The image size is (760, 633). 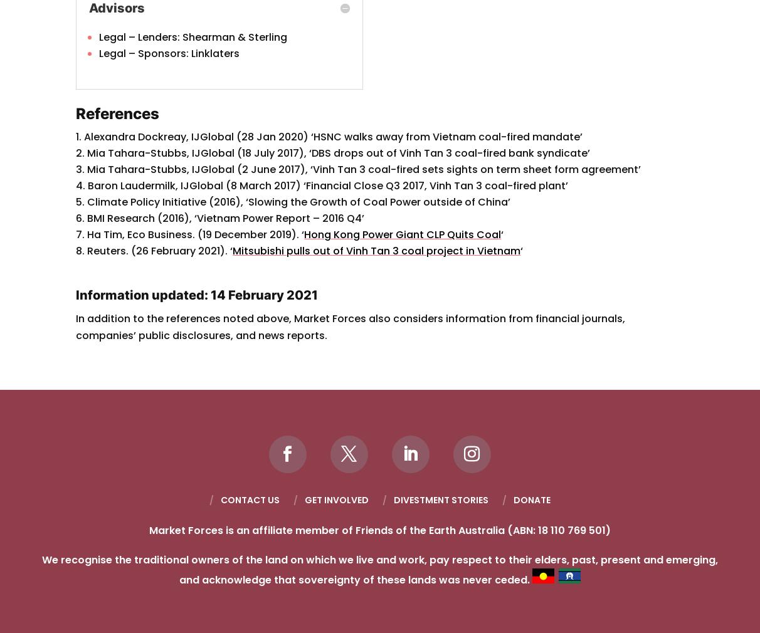 I want to click on 'Contact us', so click(x=250, y=499).